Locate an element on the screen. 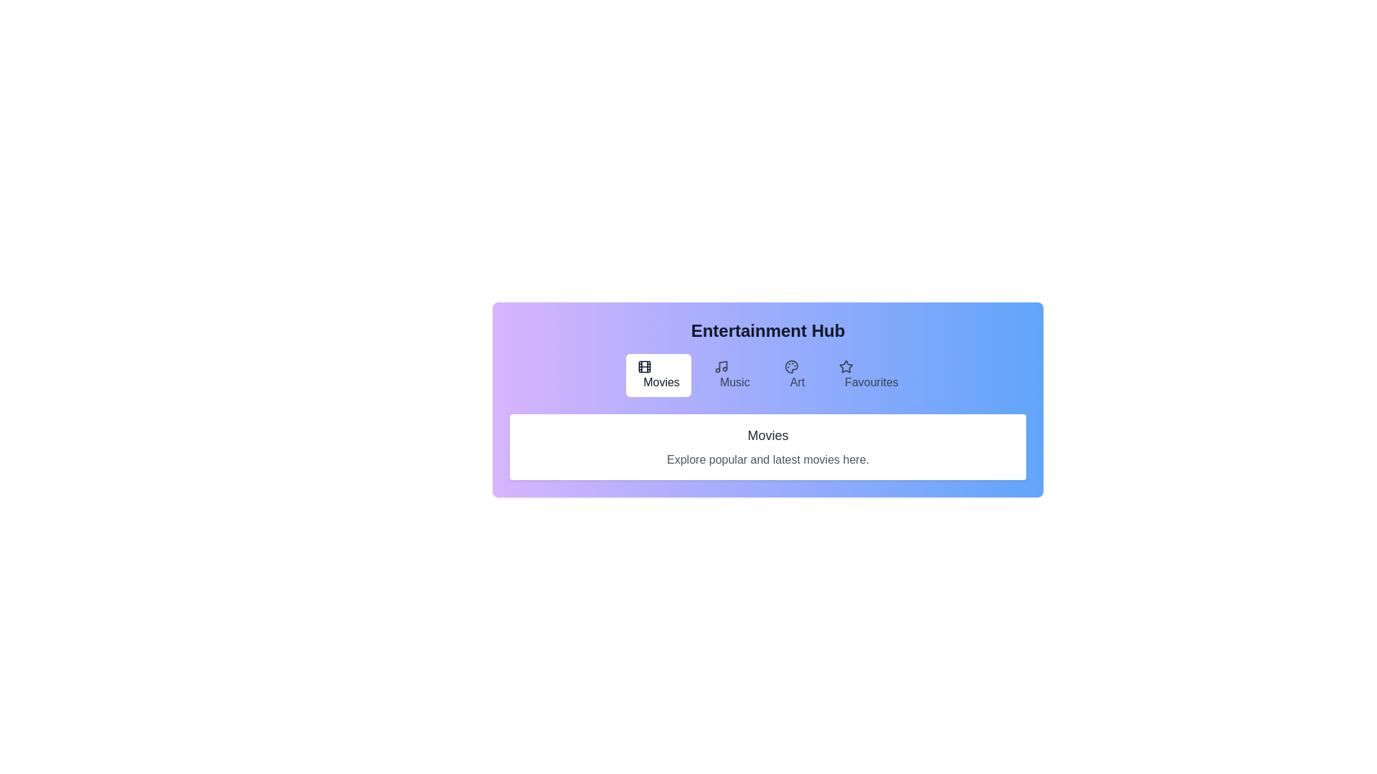 Image resolution: width=1377 pixels, height=774 pixels. the Music tab by clicking on the corresponding tab button is located at coordinates (732, 375).